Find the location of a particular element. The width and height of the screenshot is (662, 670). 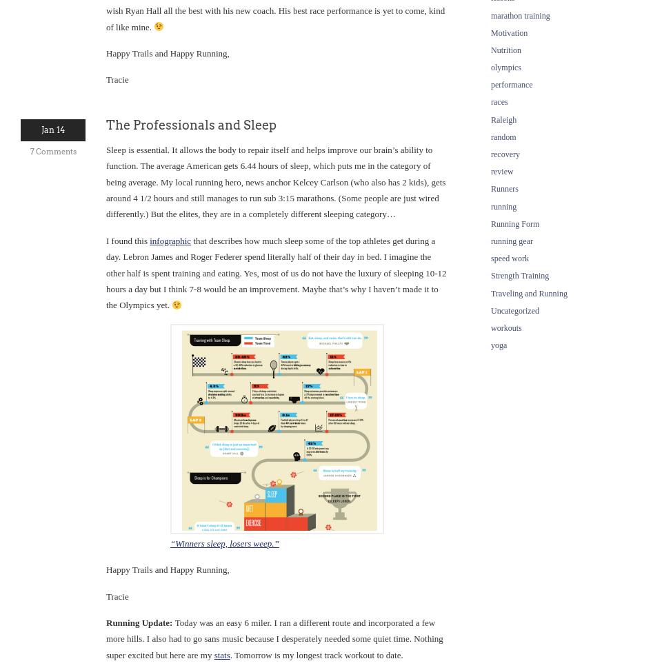

'Motivation' is located at coordinates (508, 32).